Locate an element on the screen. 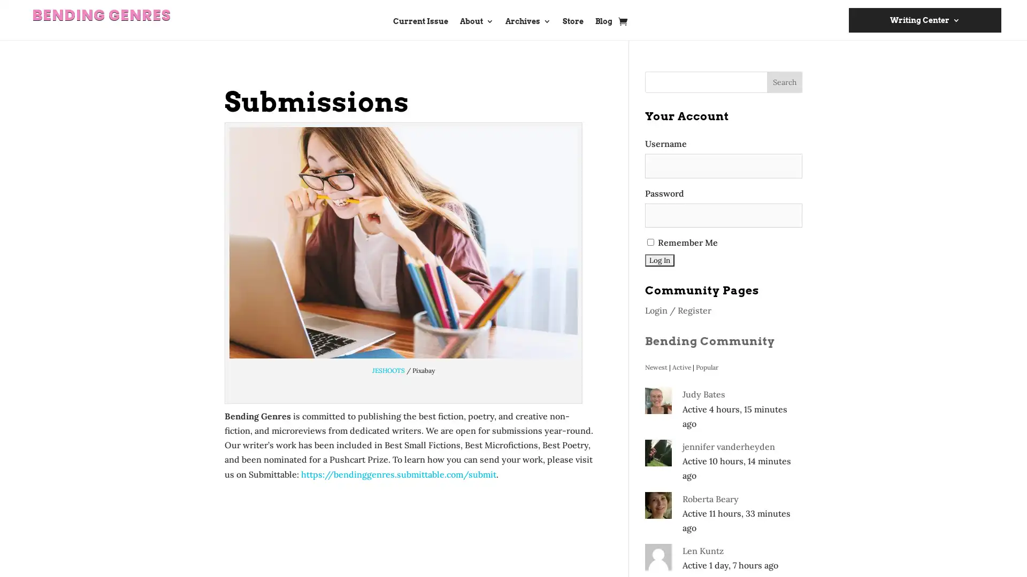  Search is located at coordinates (785, 82).